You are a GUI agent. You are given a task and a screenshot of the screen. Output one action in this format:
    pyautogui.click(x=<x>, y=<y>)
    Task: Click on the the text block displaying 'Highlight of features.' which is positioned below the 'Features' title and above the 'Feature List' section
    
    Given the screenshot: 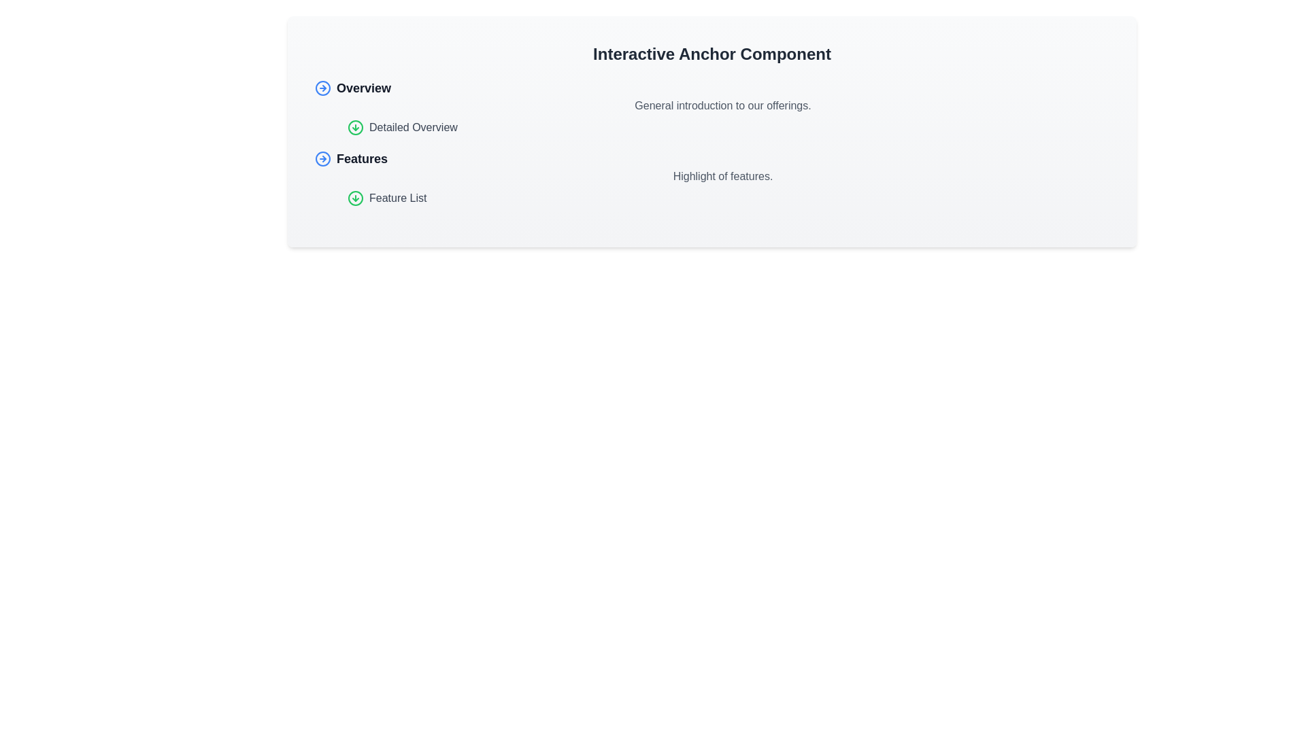 What is the action you would take?
    pyautogui.click(x=722, y=175)
    